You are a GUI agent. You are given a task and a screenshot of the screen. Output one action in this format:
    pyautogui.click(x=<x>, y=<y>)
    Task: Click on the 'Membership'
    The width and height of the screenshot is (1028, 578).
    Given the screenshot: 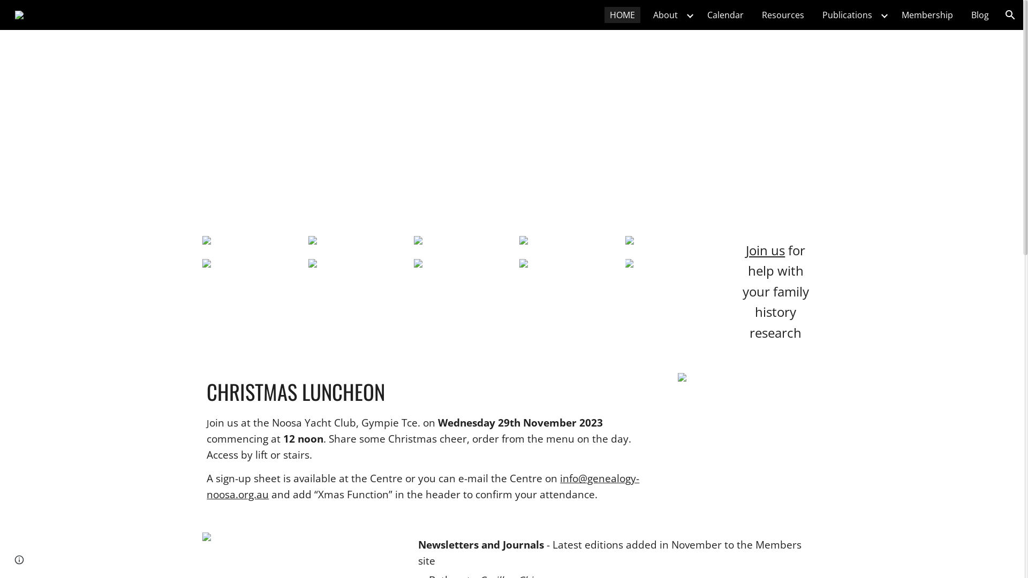 What is the action you would take?
    pyautogui.click(x=927, y=14)
    